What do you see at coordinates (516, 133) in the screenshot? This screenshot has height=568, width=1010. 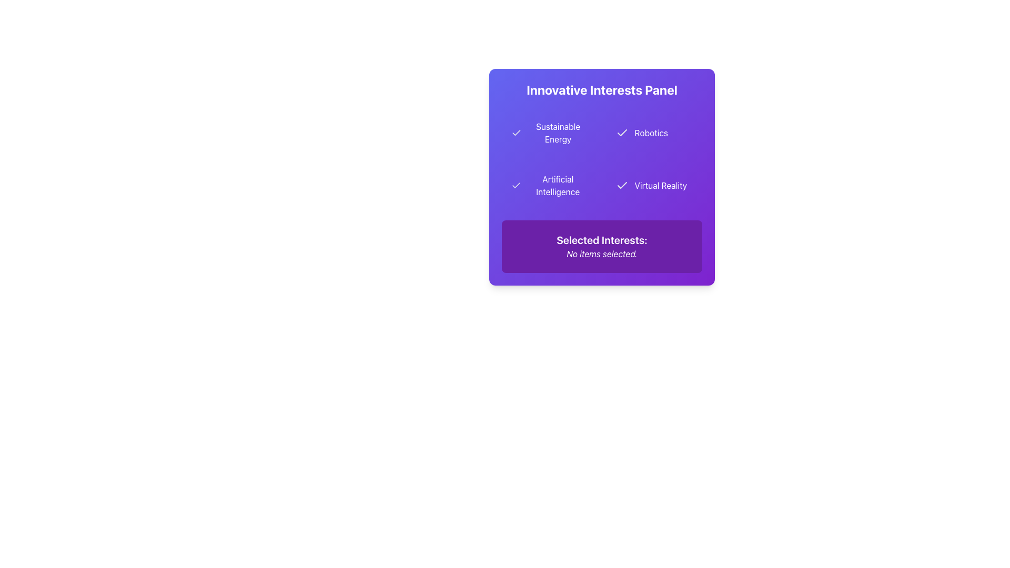 I see `the state of the checkmark icon indicating the selection of the 'Sustainable Energy' option in the panel` at bounding box center [516, 133].